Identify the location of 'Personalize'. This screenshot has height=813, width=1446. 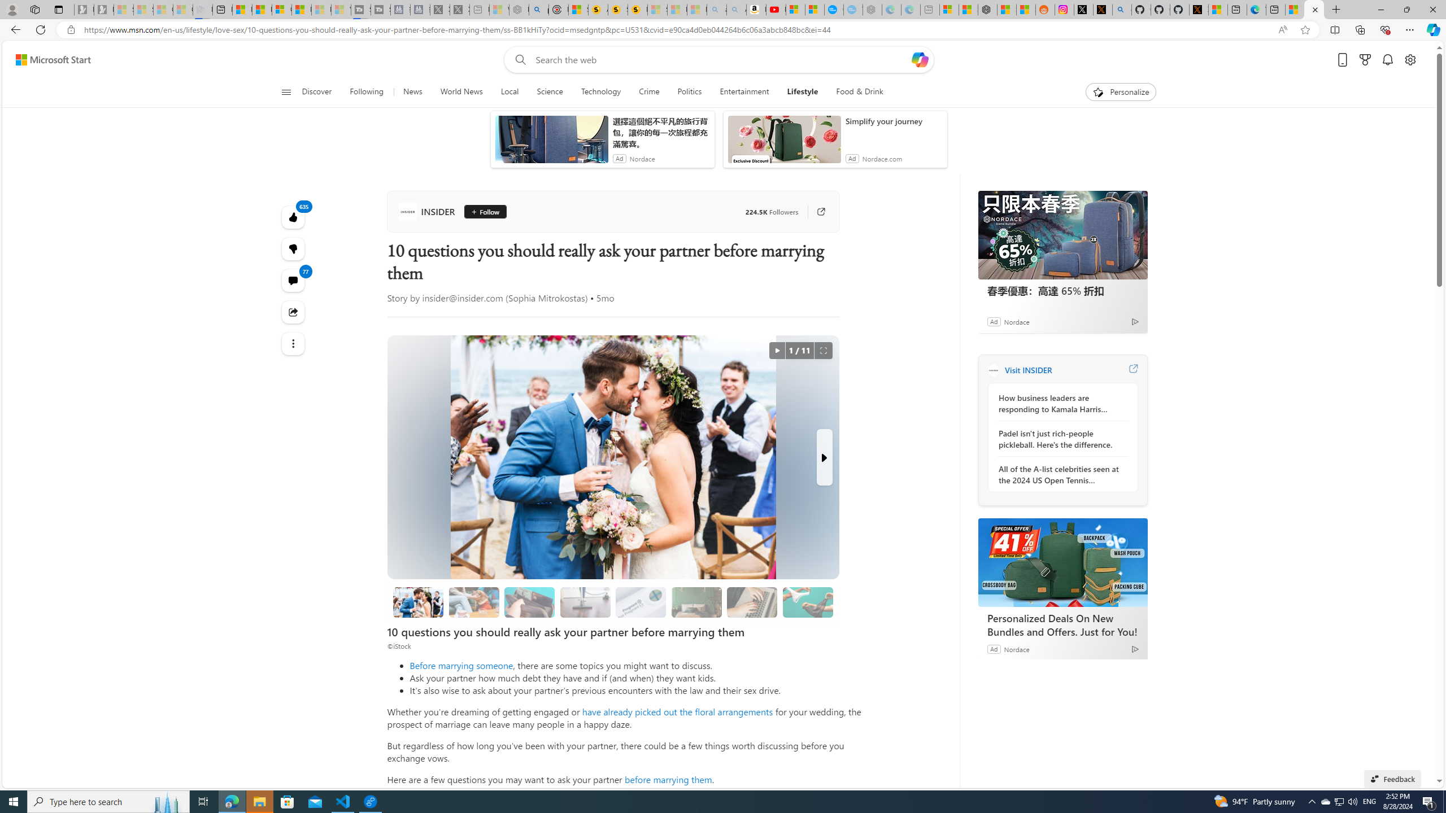
(1121, 91).